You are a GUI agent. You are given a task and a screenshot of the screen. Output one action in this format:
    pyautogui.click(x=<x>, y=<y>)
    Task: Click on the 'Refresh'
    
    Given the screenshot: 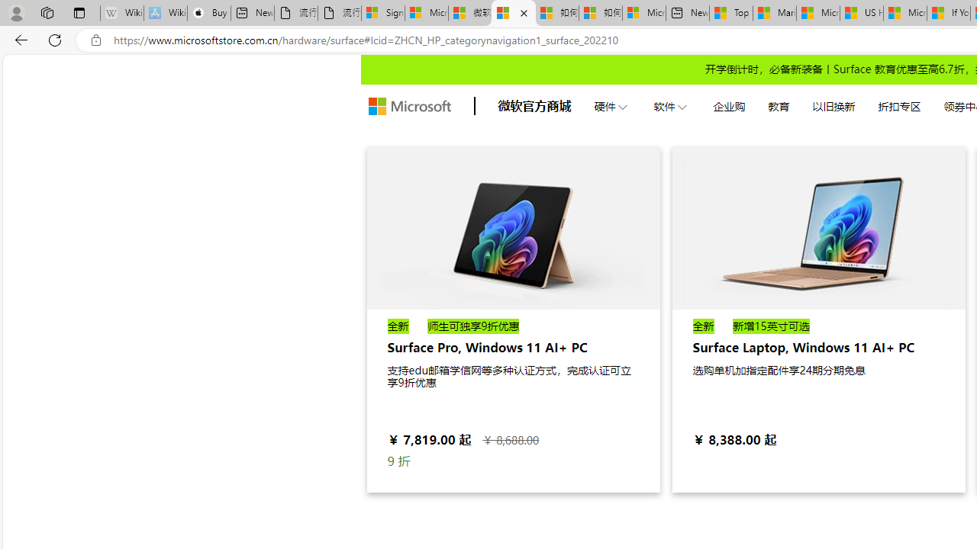 What is the action you would take?
    pyautogui.click(x=55, y=39)
    